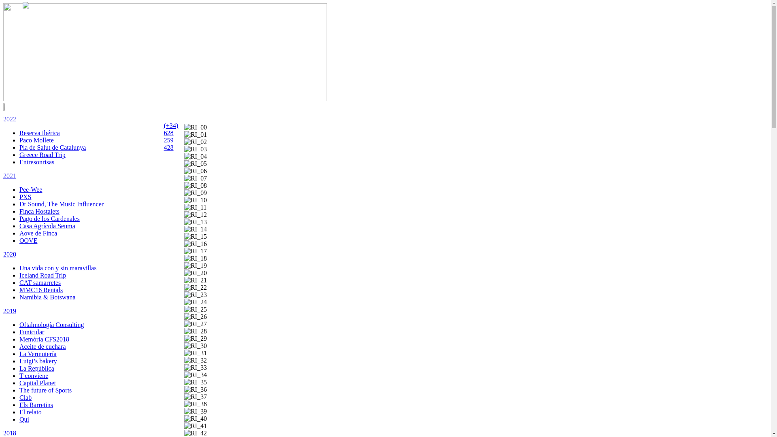  I want to click on 'Els Barretins', so click(36, 405).